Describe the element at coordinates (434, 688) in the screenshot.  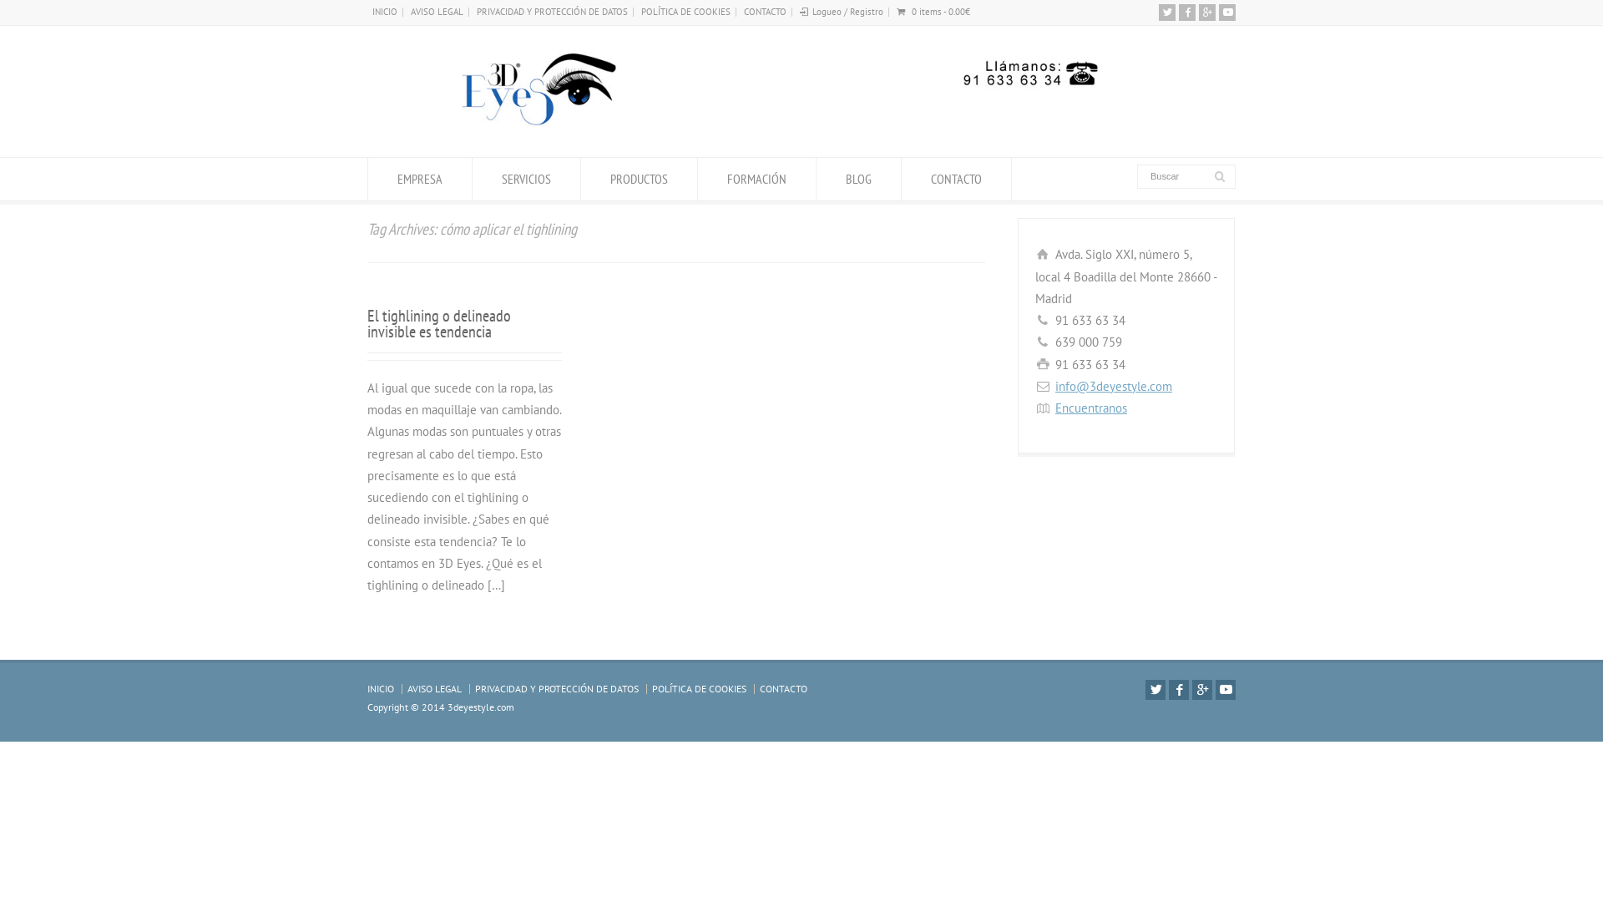
I see `'AVISO LEGAL'` at that location.